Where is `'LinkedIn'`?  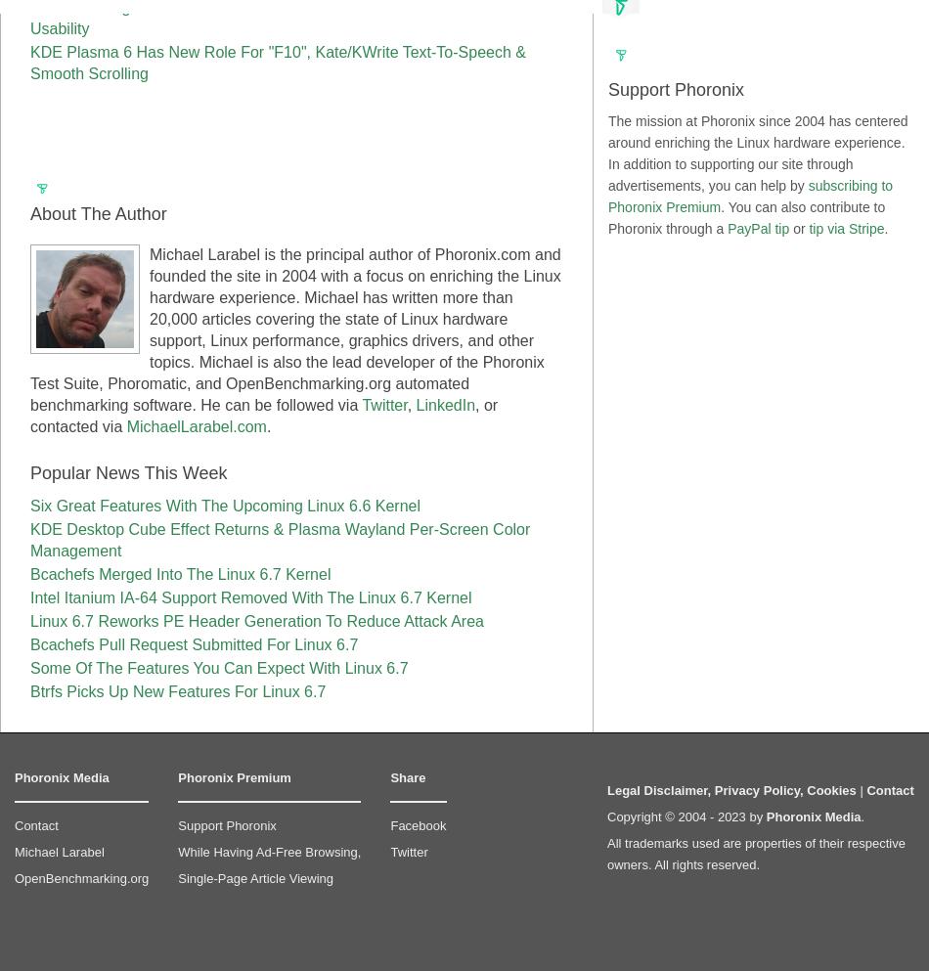 'LinkedIn' is located at coordinates (444, 404).